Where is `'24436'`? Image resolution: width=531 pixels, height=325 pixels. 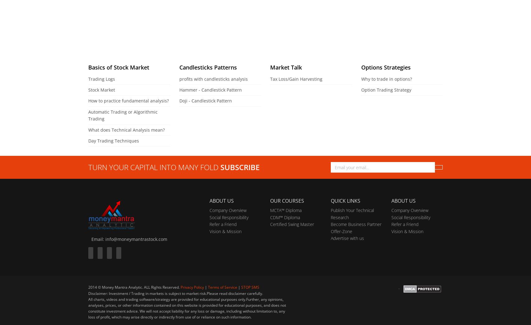
'24436' is located at coordinates (308, 17).